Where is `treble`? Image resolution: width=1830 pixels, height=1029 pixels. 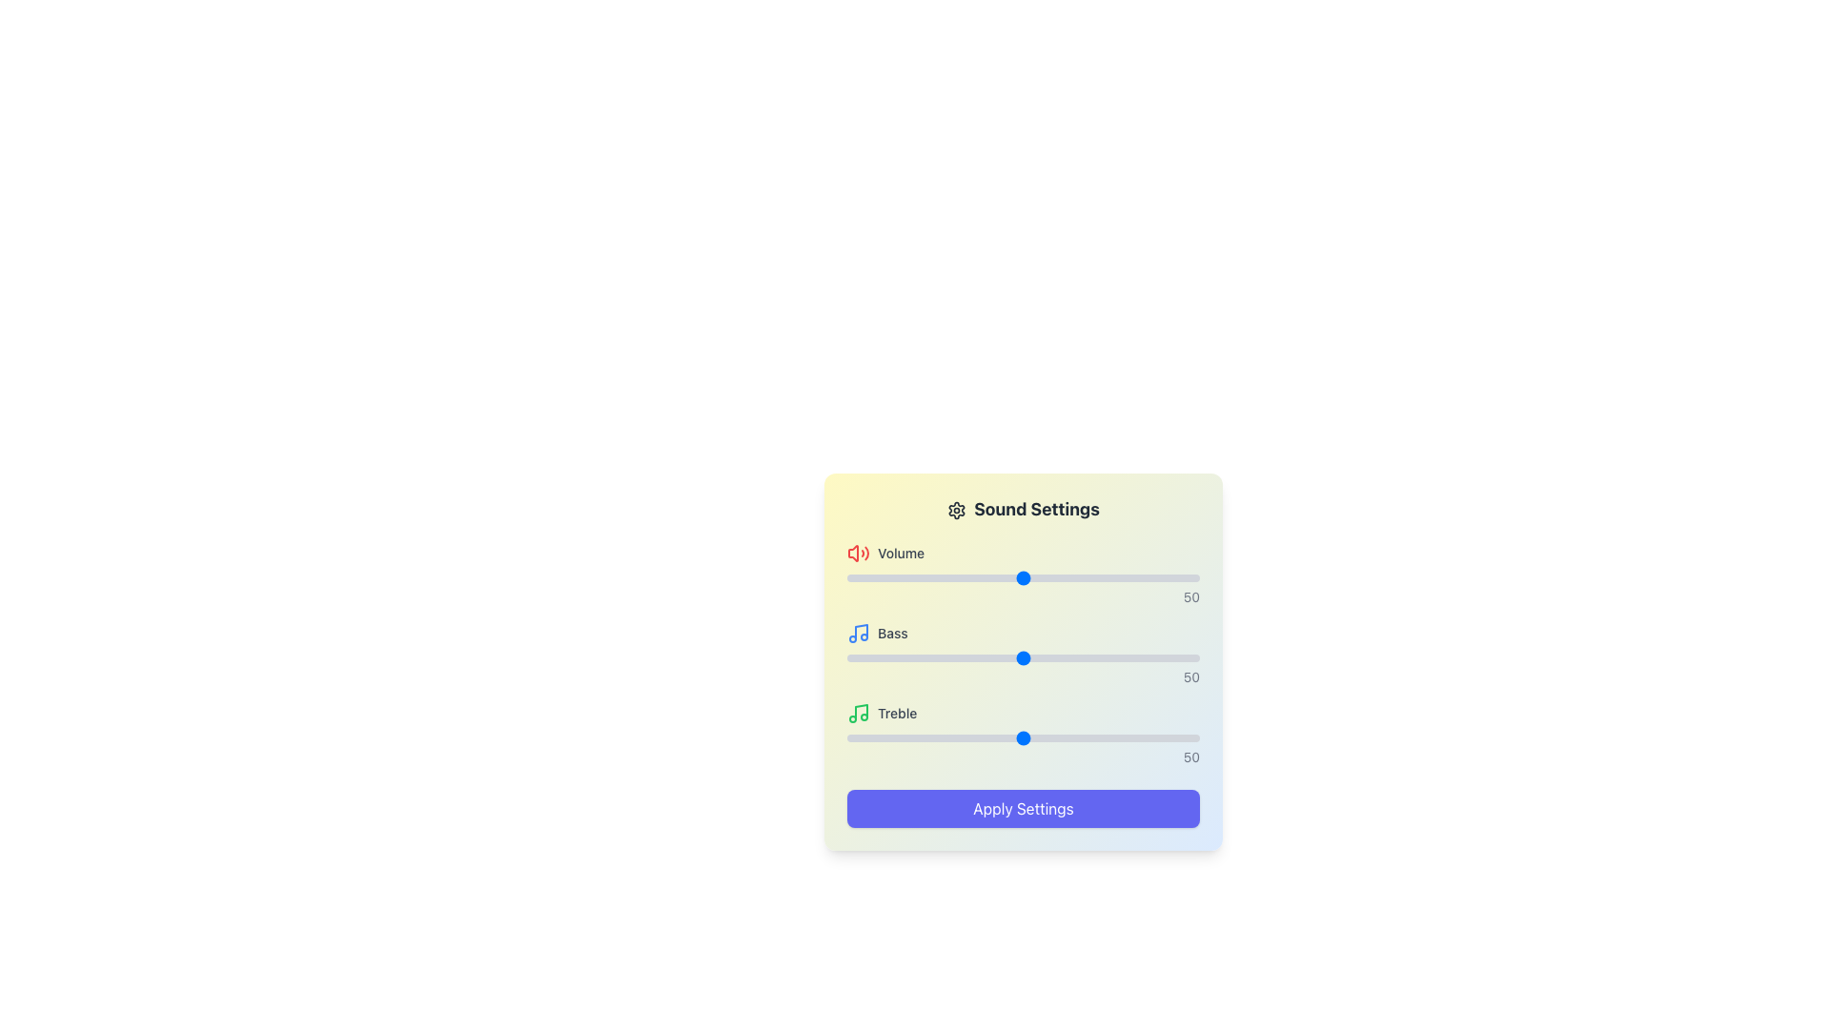 treble is located at coordinates (949, 737).